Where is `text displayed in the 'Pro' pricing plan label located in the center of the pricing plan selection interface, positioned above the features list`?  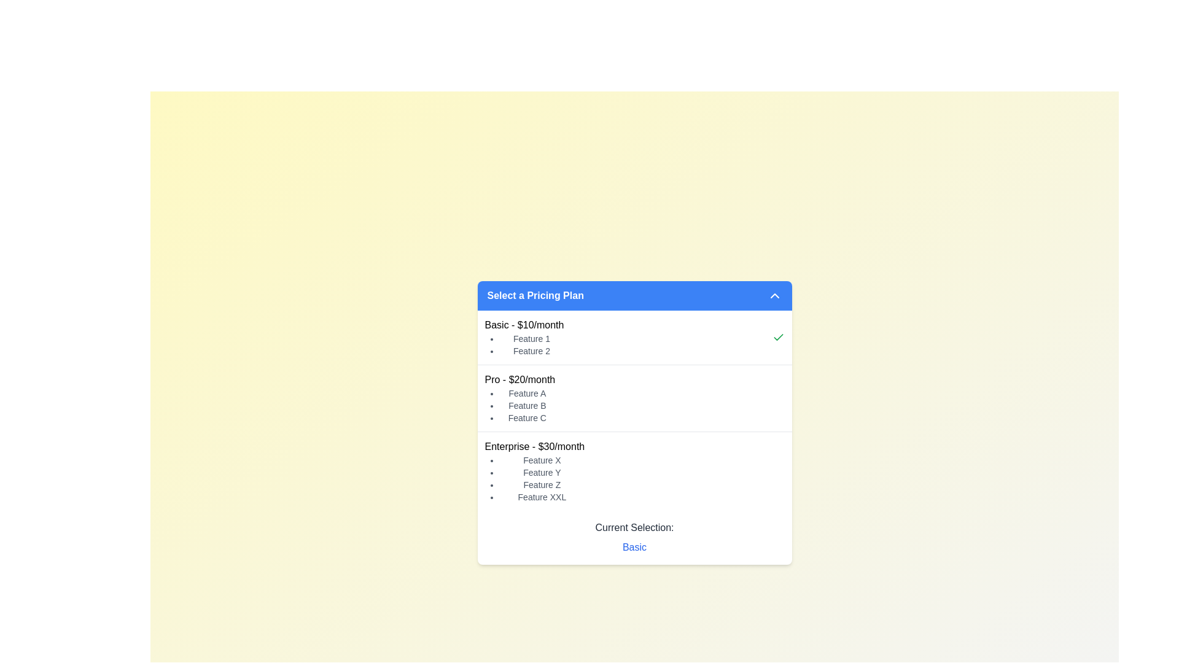
text displayed in the 'Pro' pricing plan label located in the center of the pricing plan selection interface, positioned above the features list is located at coordinates (519, 379).